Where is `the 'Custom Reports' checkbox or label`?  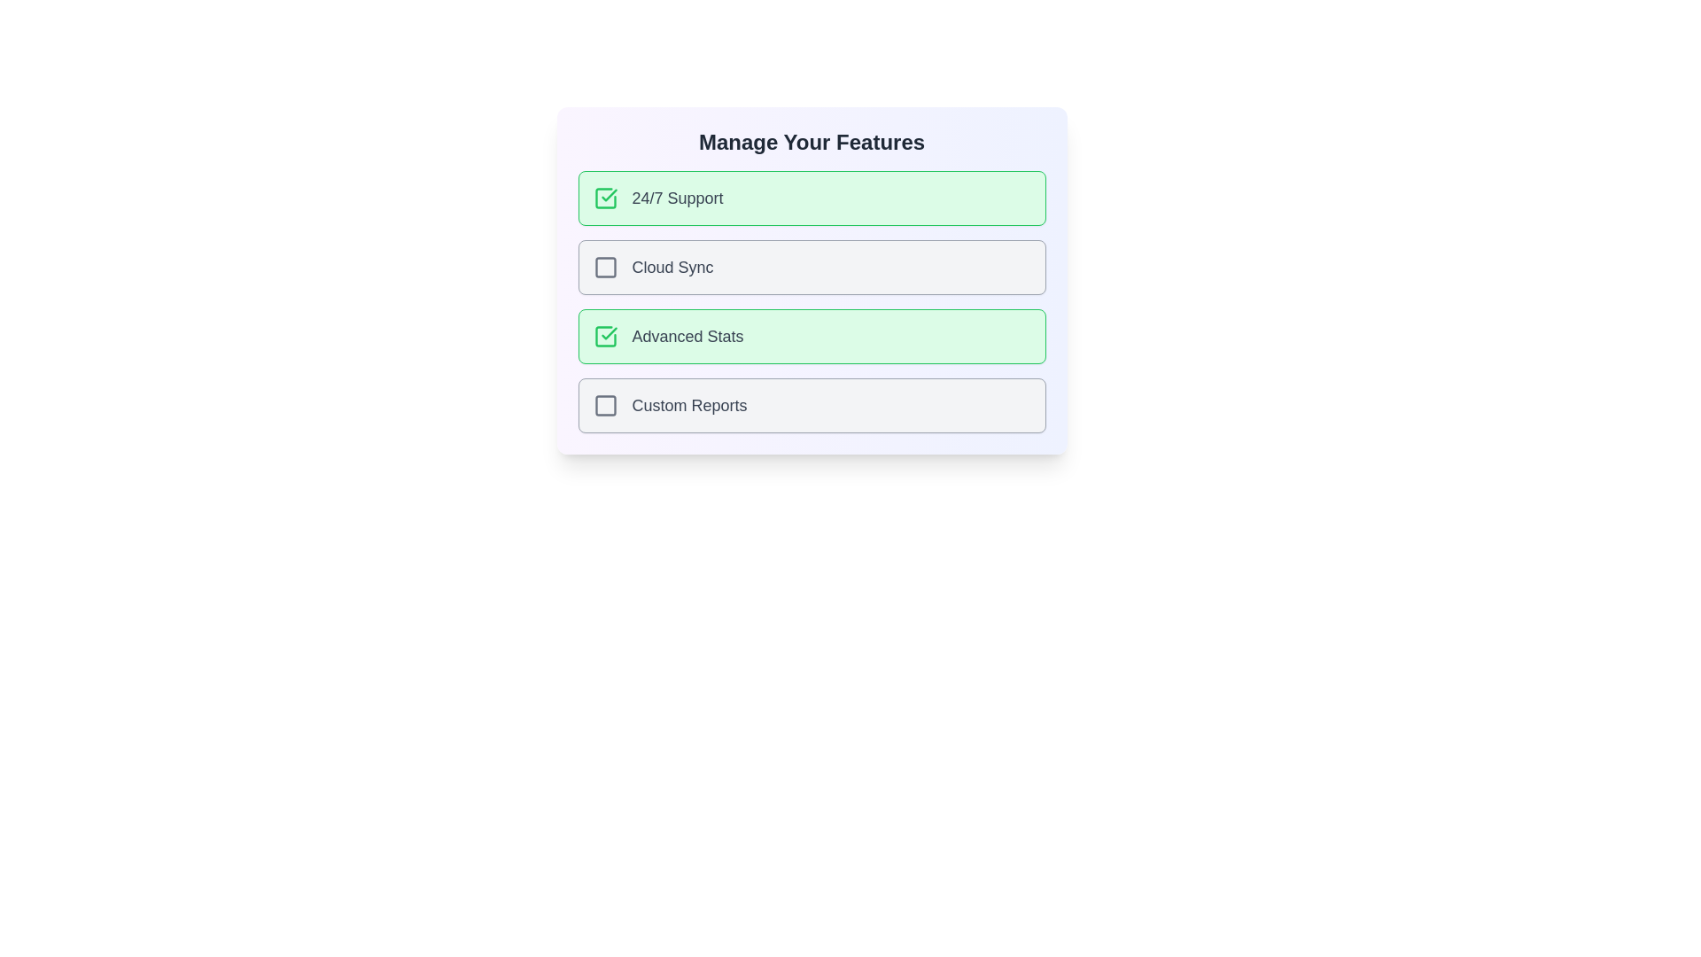 the 'Custom Reports' checkbox or label is located at coordinates (669, 406).